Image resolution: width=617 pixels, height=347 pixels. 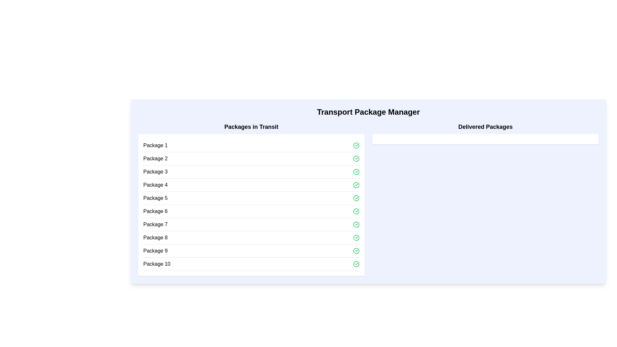 I want to click on the status icon for 'Package 9' located at the rightmost position of the row, so click(x=356, y=250).